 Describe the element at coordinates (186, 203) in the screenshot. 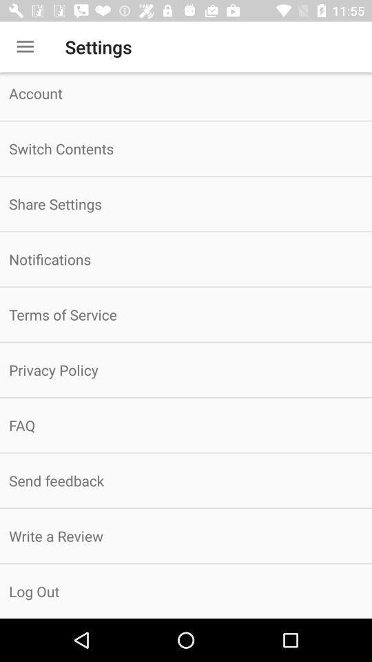

I see `icon above notifications icon` at that location.